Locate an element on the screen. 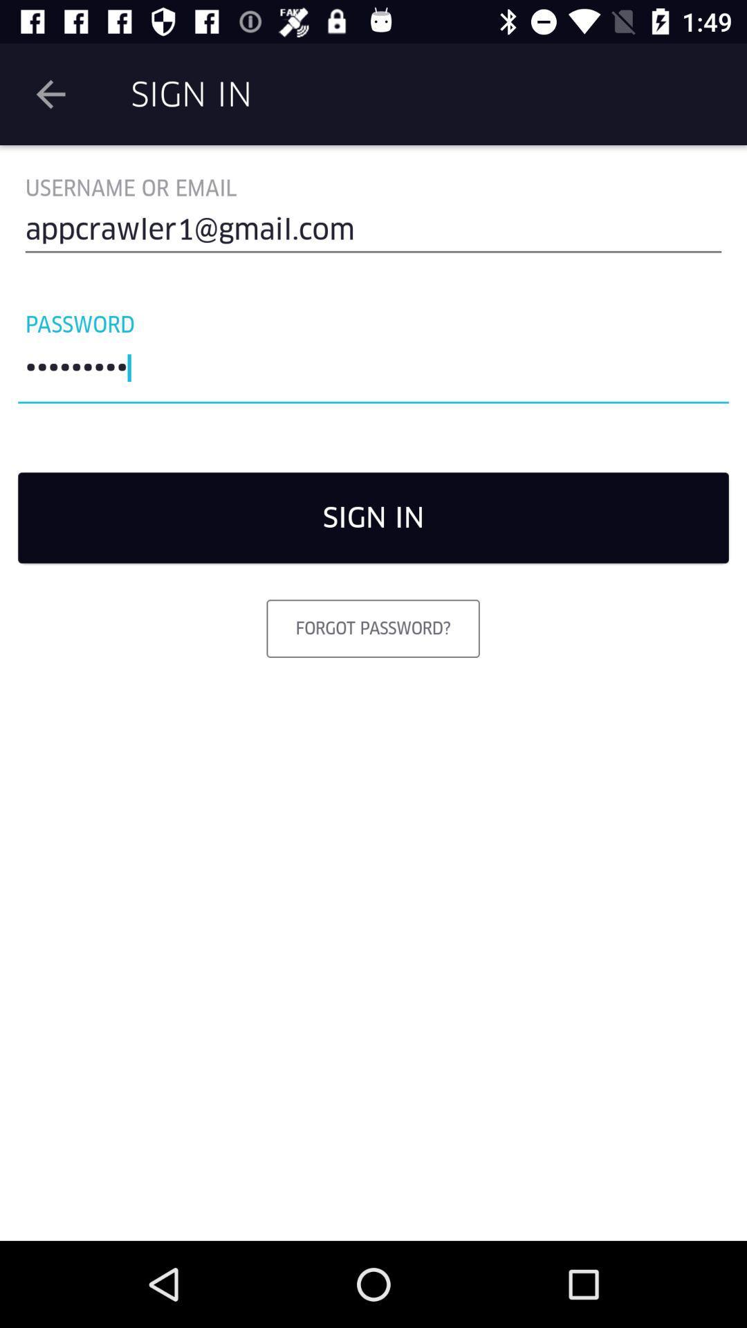 The image size is (747, 1328). appcrawler1@gmail.com icon is located at coordinates (373, 235).